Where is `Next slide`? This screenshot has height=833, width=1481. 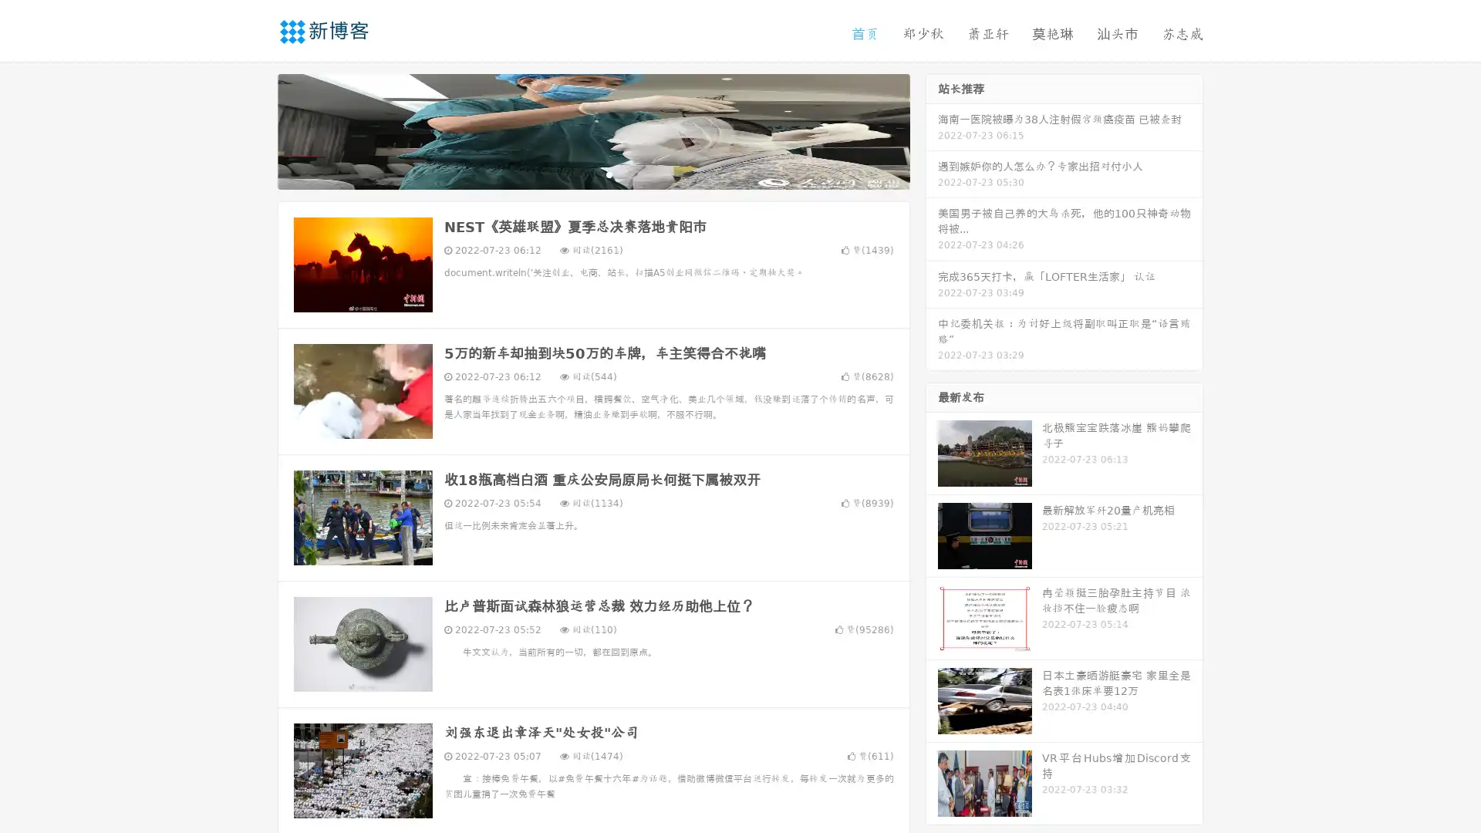
Next slide is located at coordinates (932, 130).